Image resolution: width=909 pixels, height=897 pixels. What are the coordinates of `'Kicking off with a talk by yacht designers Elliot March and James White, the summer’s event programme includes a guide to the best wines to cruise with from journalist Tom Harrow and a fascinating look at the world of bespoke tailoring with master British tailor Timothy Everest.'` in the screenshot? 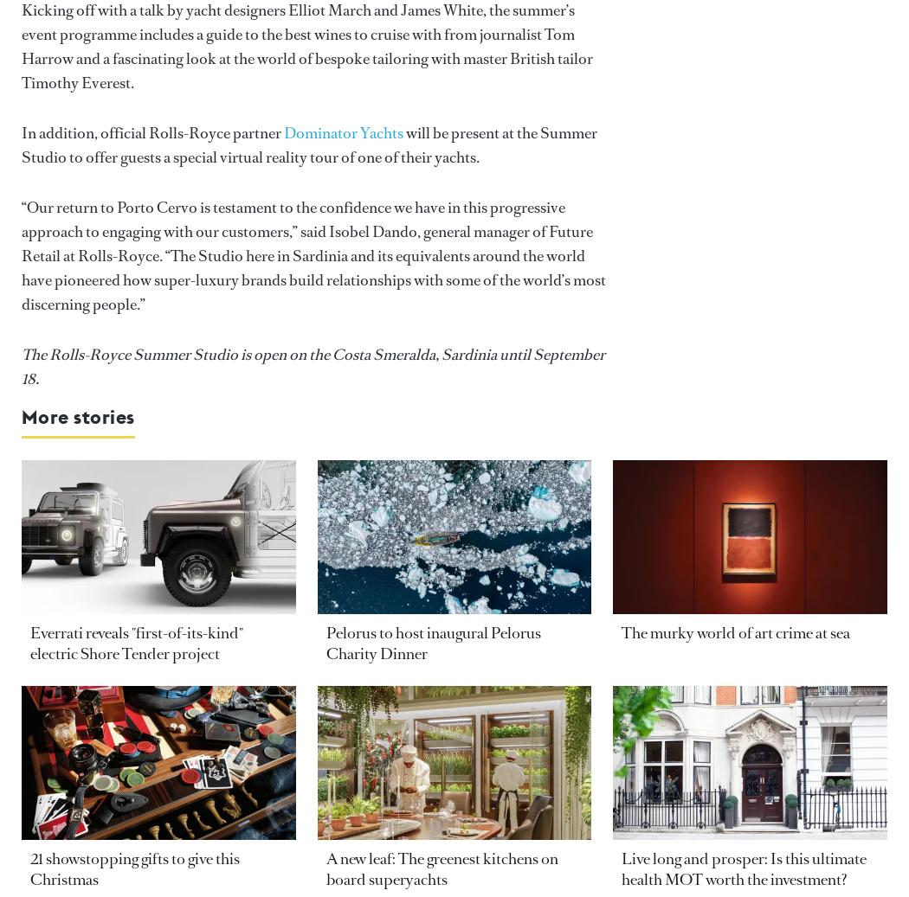 It's located at (21, 46).